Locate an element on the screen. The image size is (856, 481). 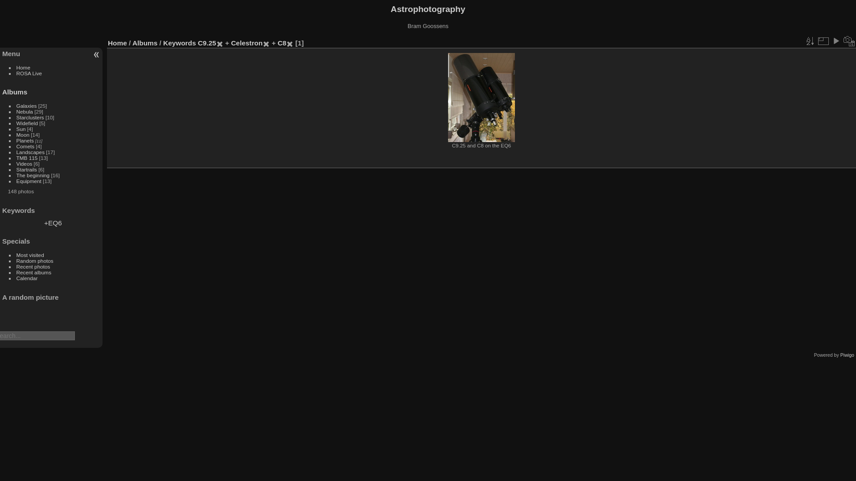
'Landscapes' is located at coordinates (30, 151).